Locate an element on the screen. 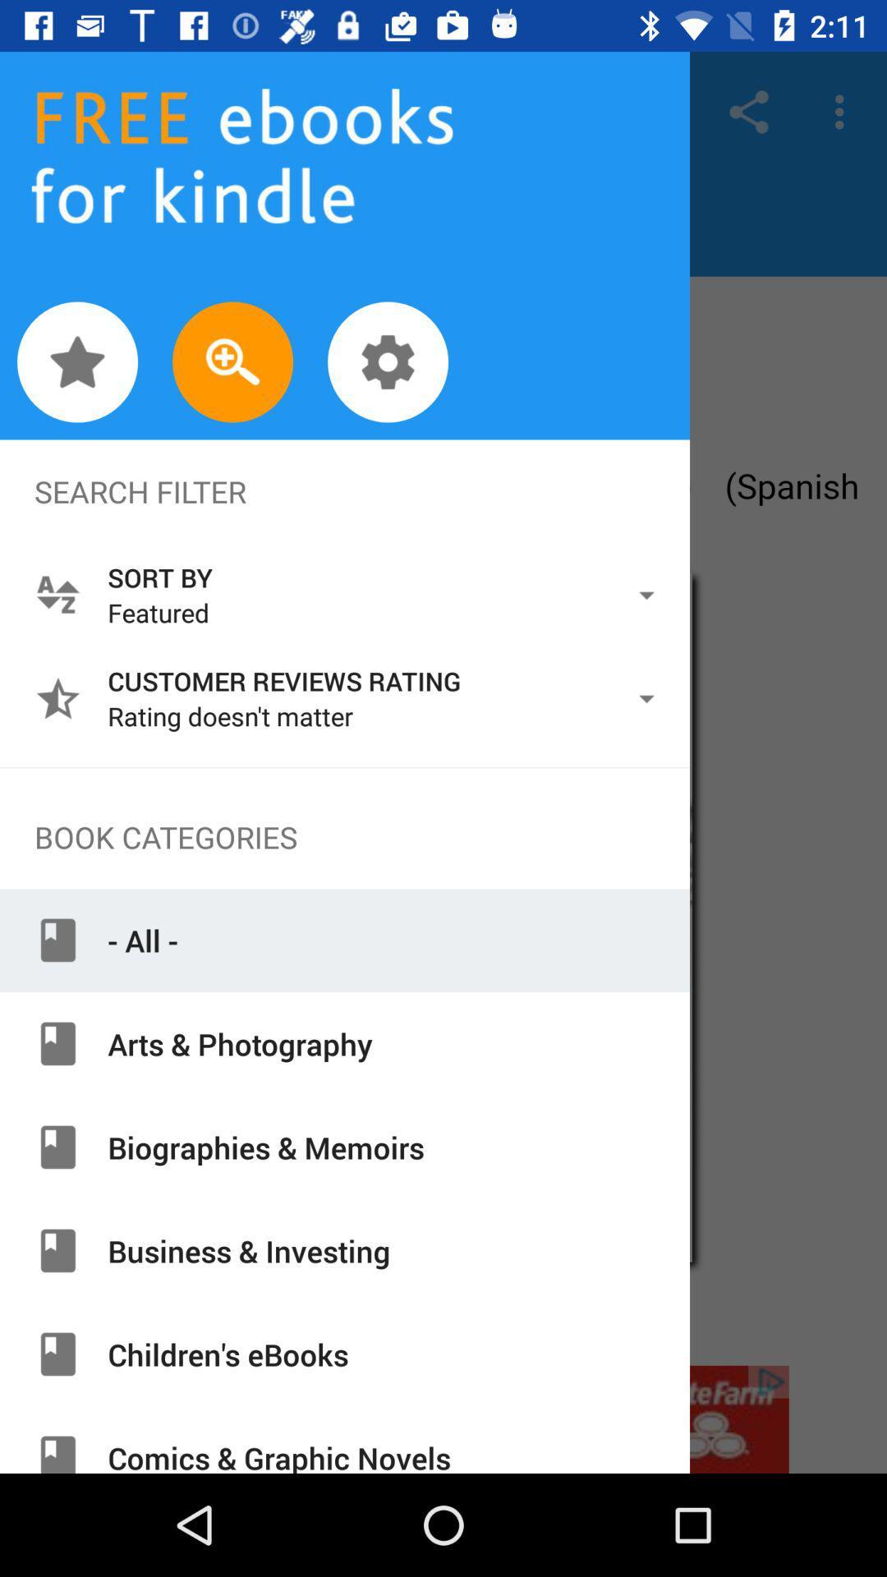 Image resolution: width=887 pixels, height=1577 pixels. zoom option is located at coordinates (232, 361).